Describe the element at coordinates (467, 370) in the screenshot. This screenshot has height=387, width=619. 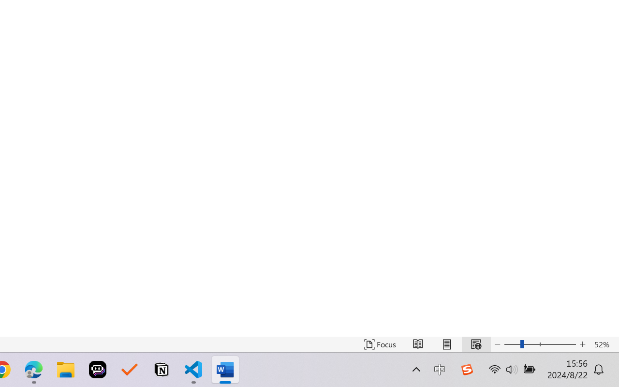
I see `'Class: Image'` at that location.